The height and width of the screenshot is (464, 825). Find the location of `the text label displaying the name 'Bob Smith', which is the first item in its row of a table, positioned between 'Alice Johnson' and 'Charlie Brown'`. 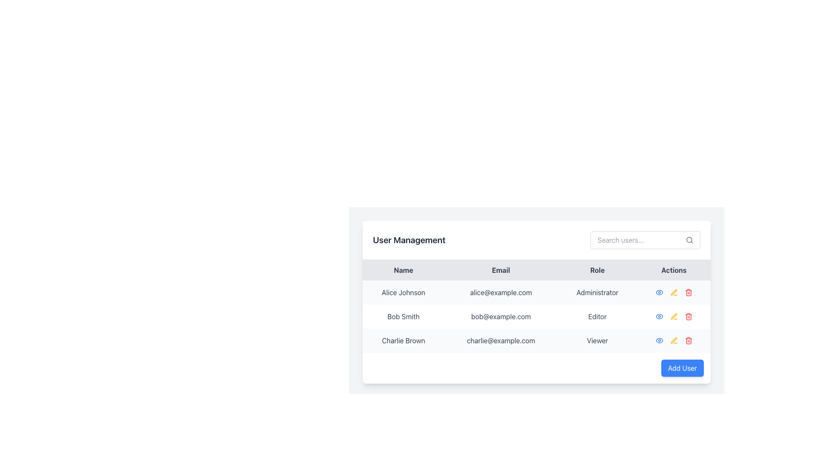

the text label displaying the name 'Bob Smith', which is the first item in its row of a table, positioned between 'Alice Johnson' and 'Charlie Brown' is located at coordinates (403, 316).